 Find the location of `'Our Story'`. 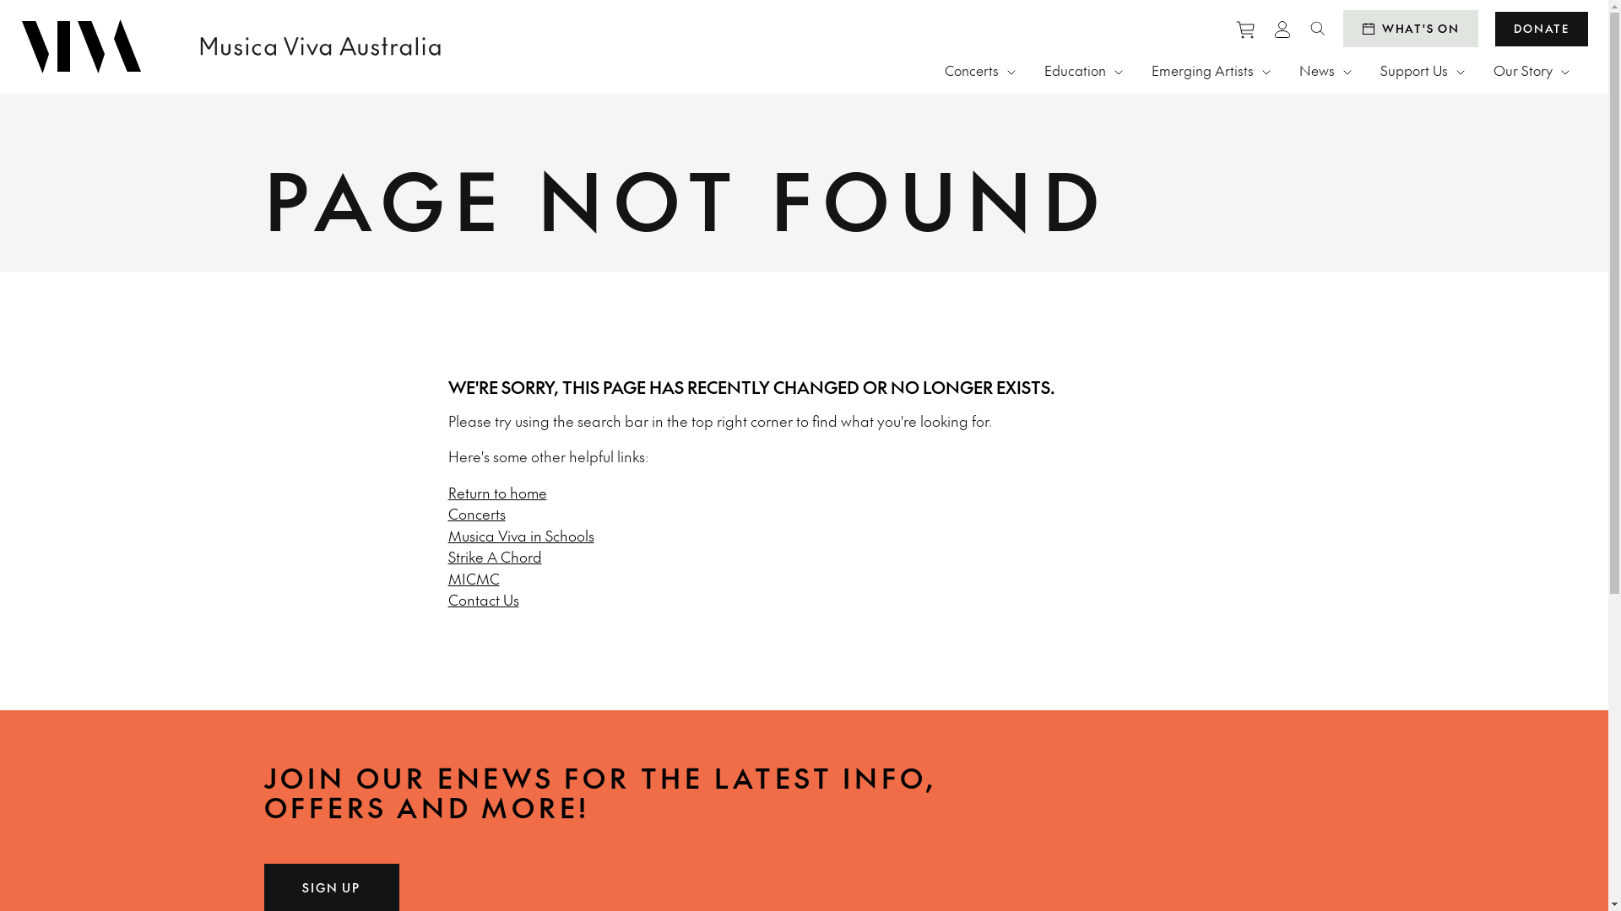

'Our Story' is located at coordinates (1532, 69).